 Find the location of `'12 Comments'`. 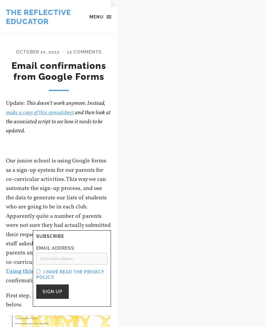

'12 Comments' is located at coordinates (83, 51).